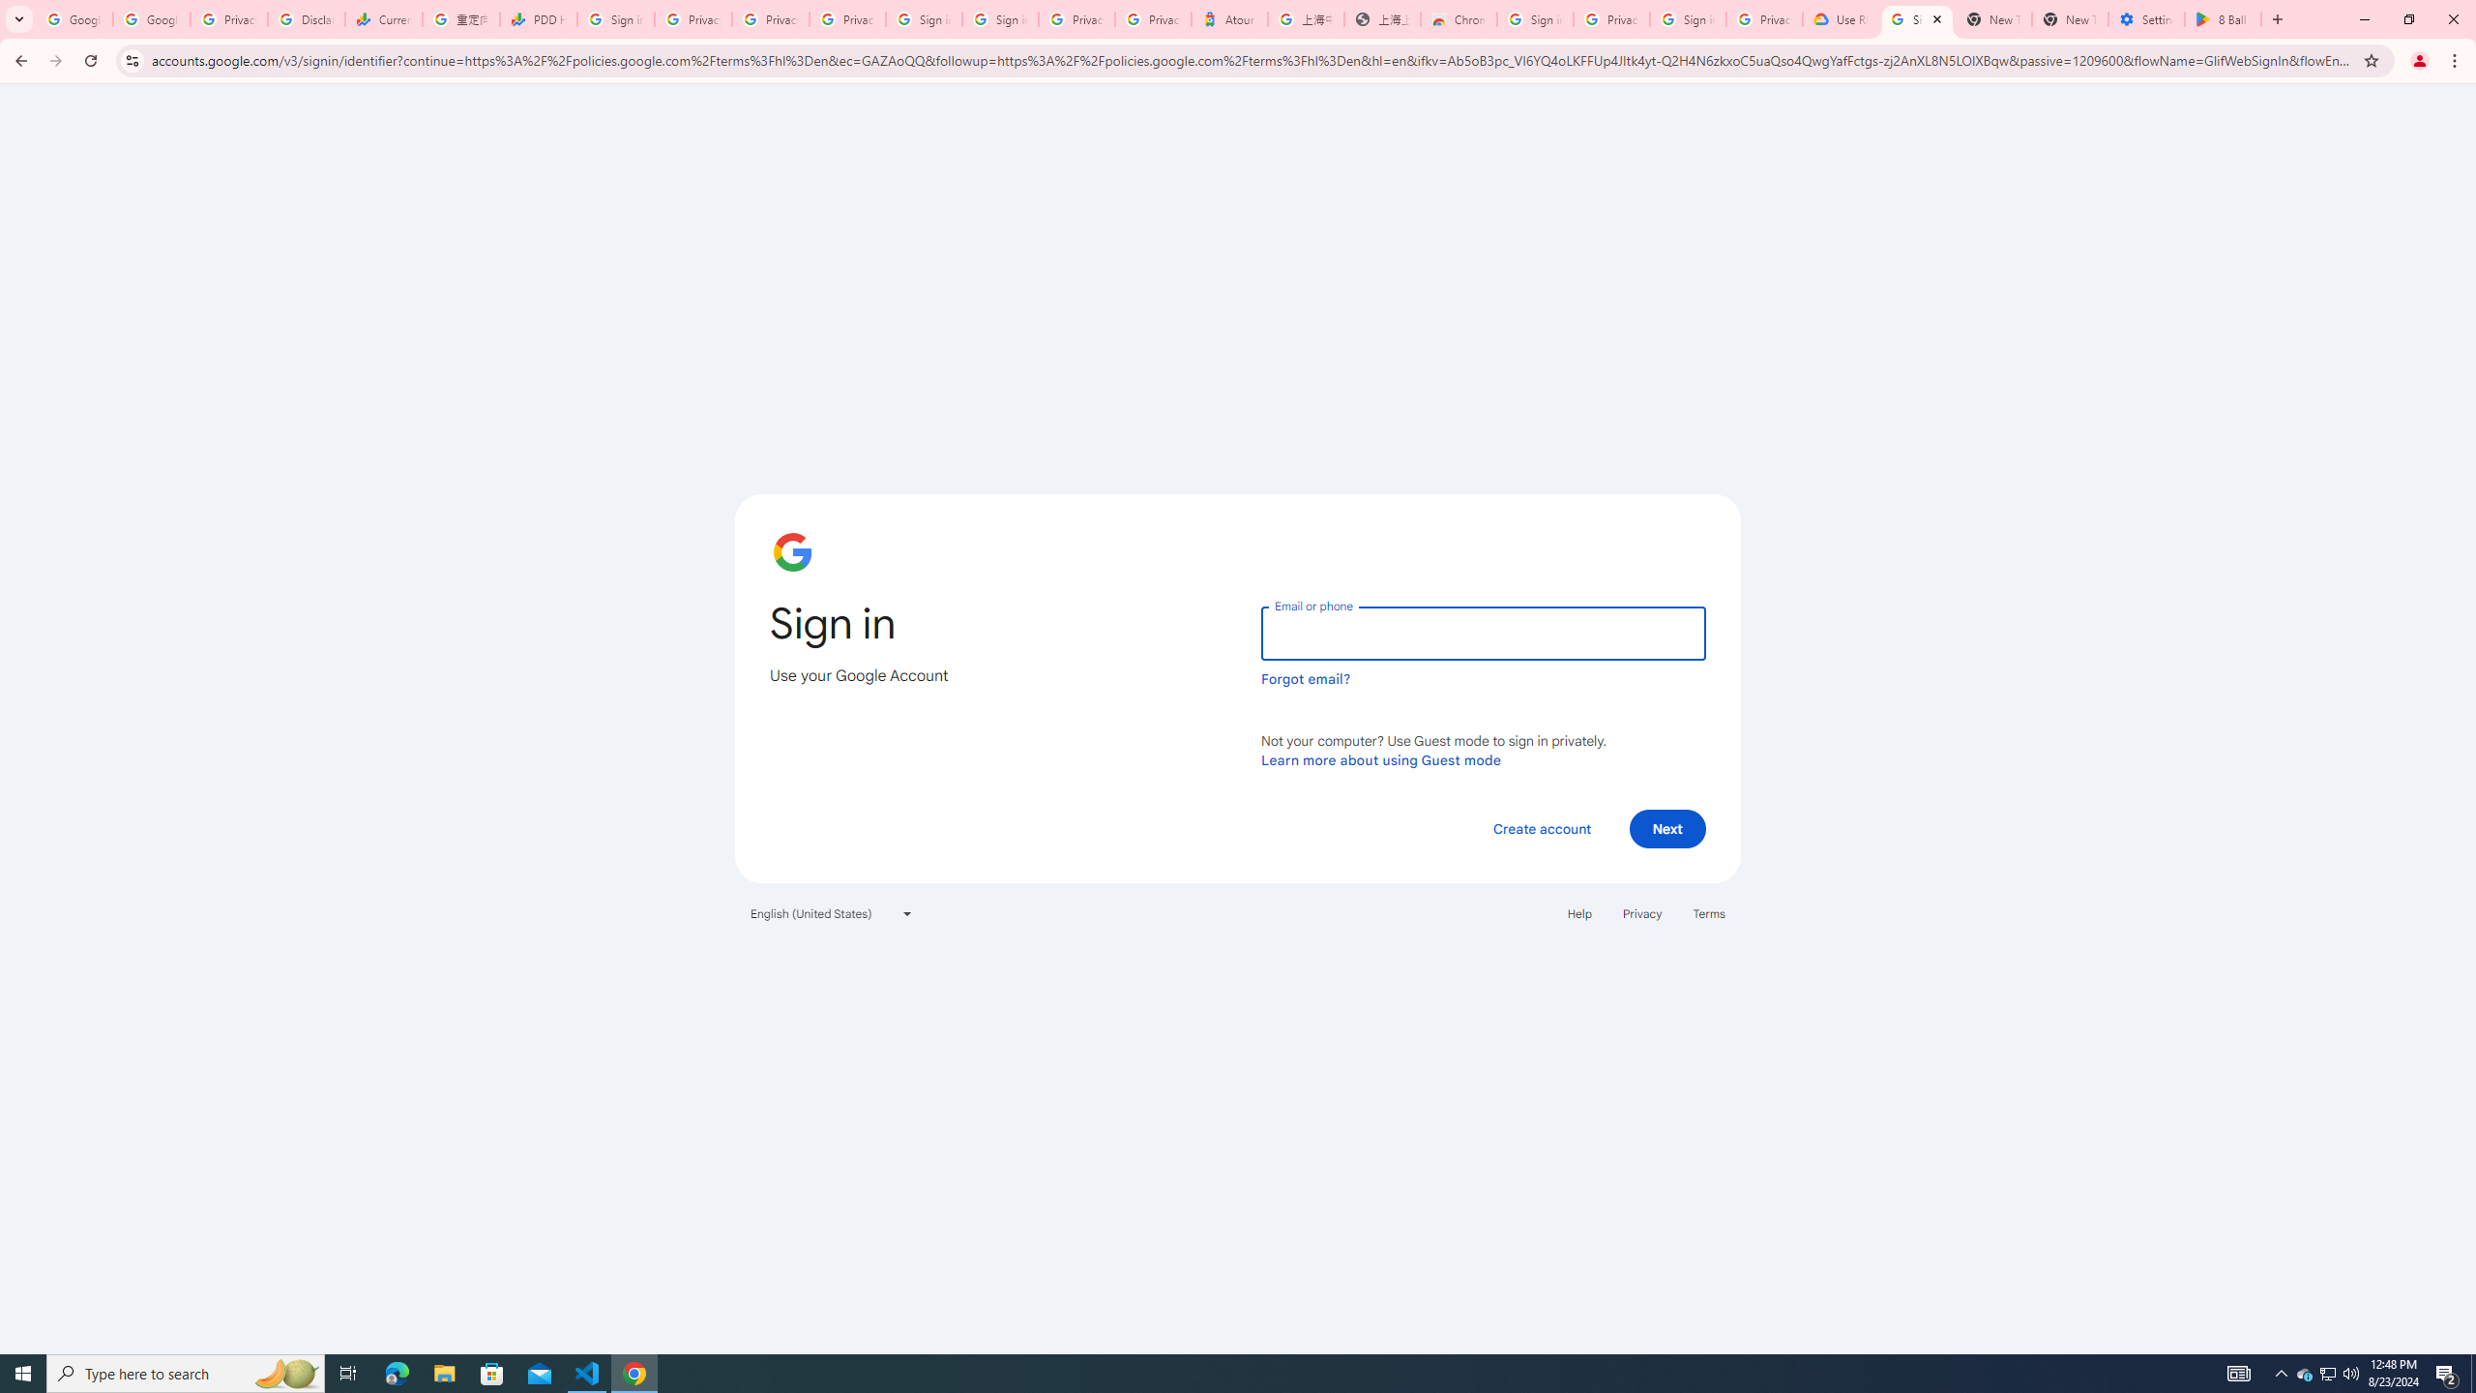 The image size is (2476, 1393). What do you see at coordinates (74, 18) in the screenshot?
I see `'Google Workspace Admin Community'` at bounding box center [74, 18].